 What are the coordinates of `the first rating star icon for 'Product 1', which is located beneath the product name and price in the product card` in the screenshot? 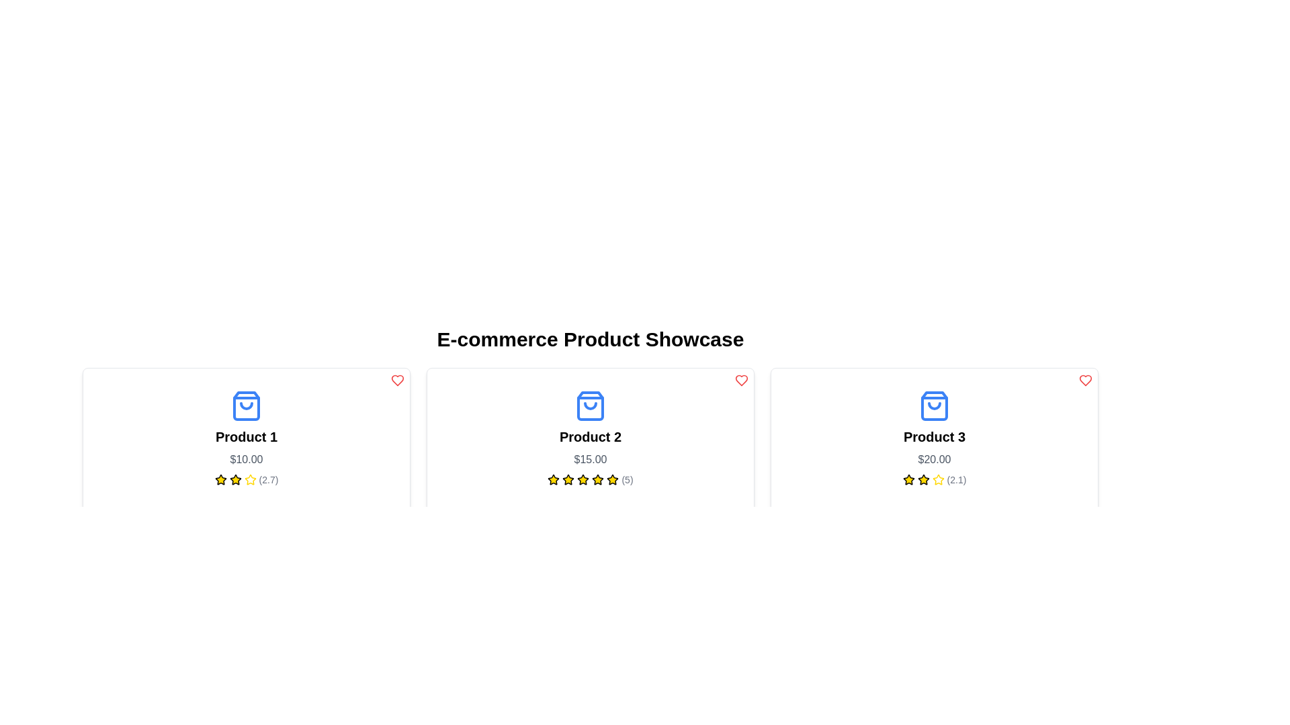 It's located at (220, 479).